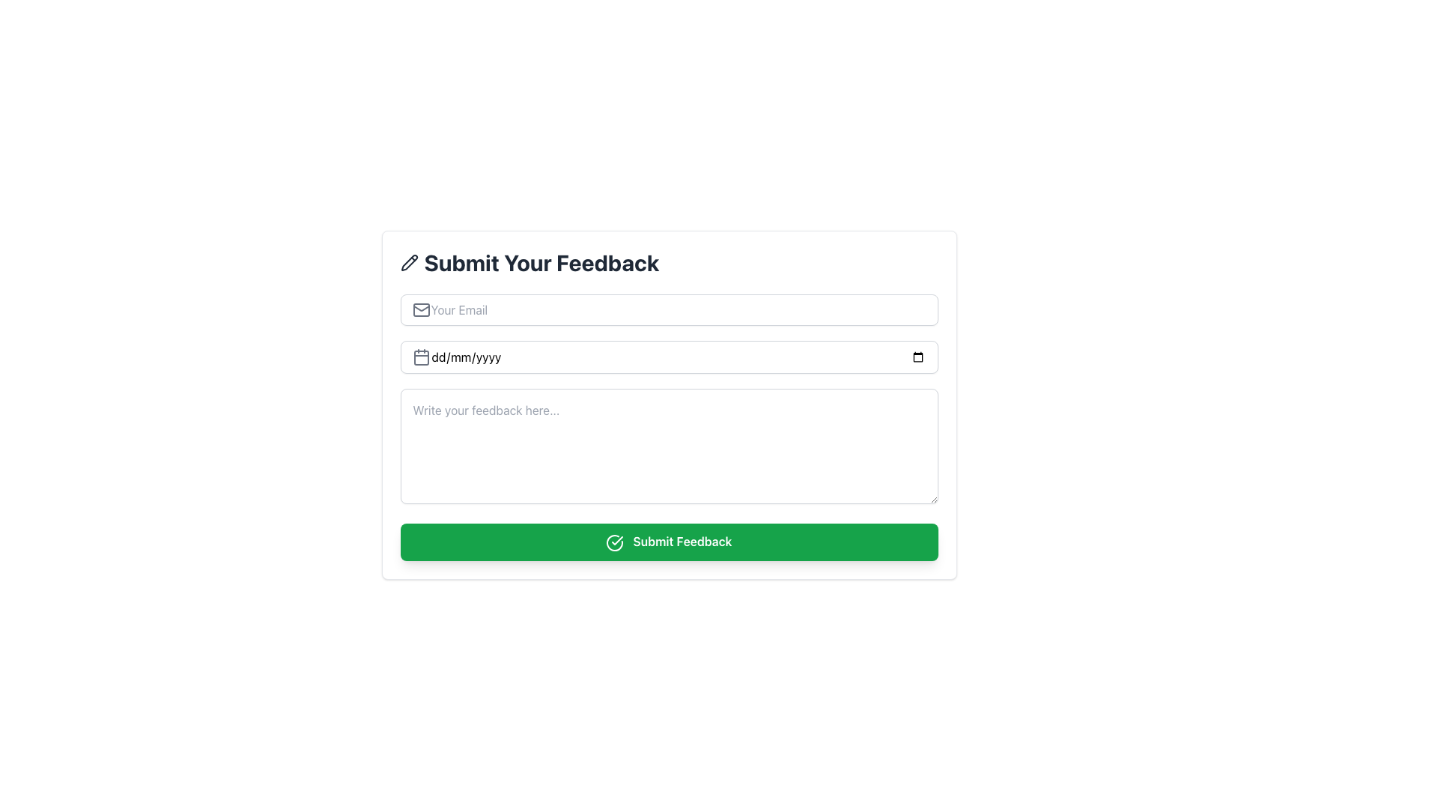 Image resolution: width=1438 pixels, height=809 pixels. What do you see at coordinates (409, 262) in the screenshot?
I see `the edit icon located in the top left corner of the feedback submission form, above the input fields and to the left of the 'Submit Your Feedback' heading` at bounding box center [409, 262].